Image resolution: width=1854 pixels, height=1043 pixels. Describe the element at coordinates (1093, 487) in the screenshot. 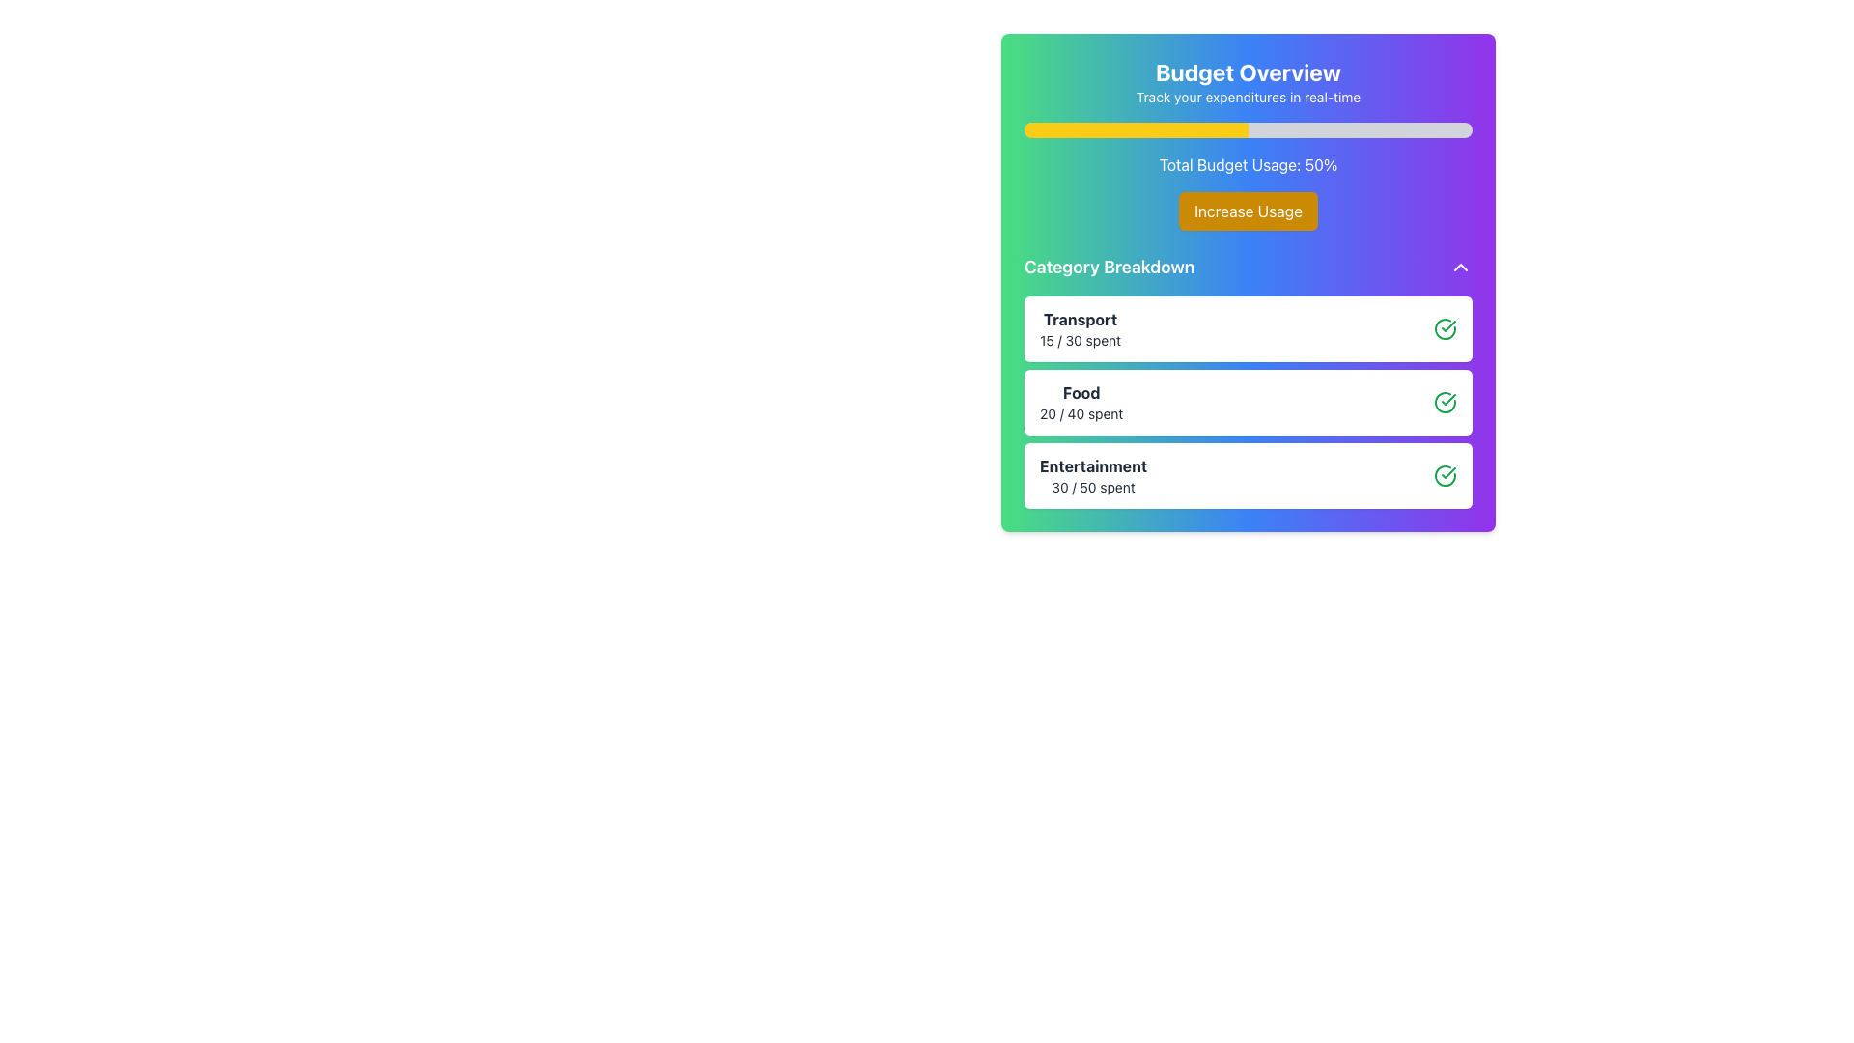

I see `the text field displaying '30 / 50 spent', which is located beneath the 'Entertainment' header and within the 'Category Breakdown' group` at that location.